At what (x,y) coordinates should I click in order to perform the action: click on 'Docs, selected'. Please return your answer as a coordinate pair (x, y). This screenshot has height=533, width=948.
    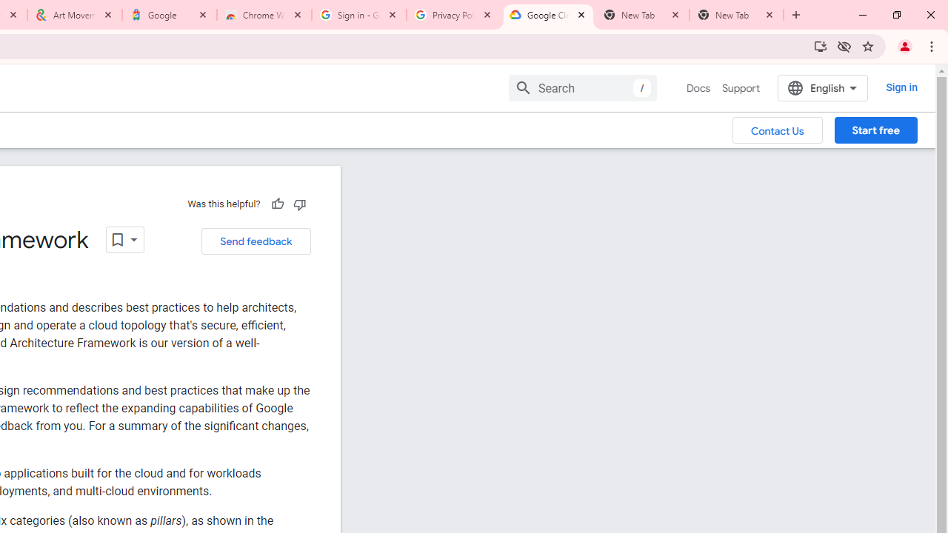
    Looking at the image, I should click on (697, 88).